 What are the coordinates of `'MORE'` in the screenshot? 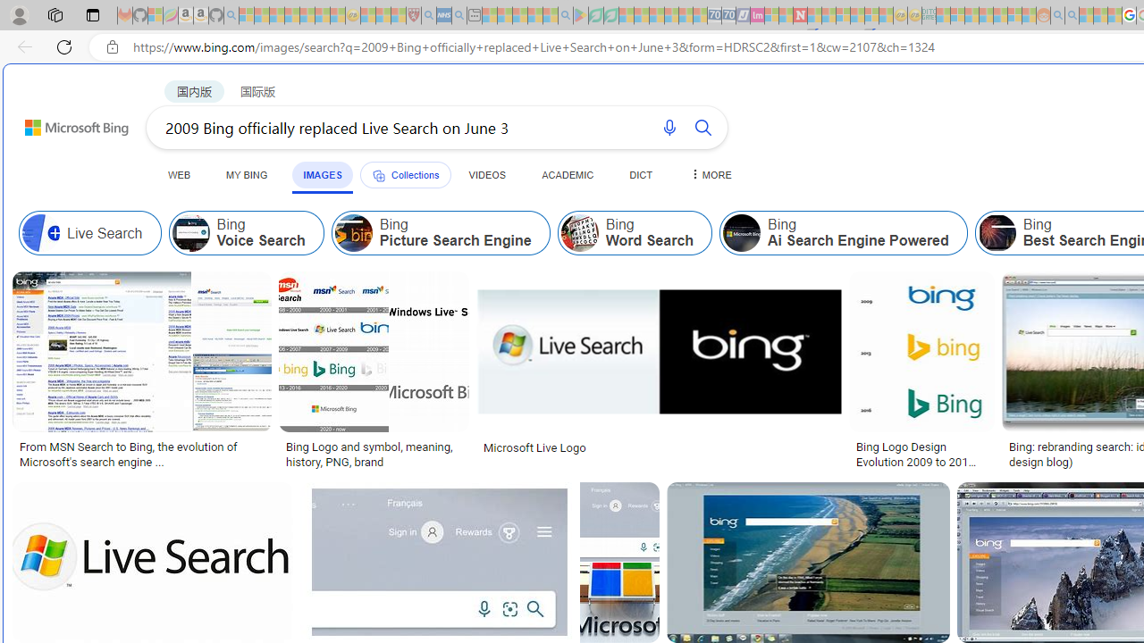 It's located at (708, 174).